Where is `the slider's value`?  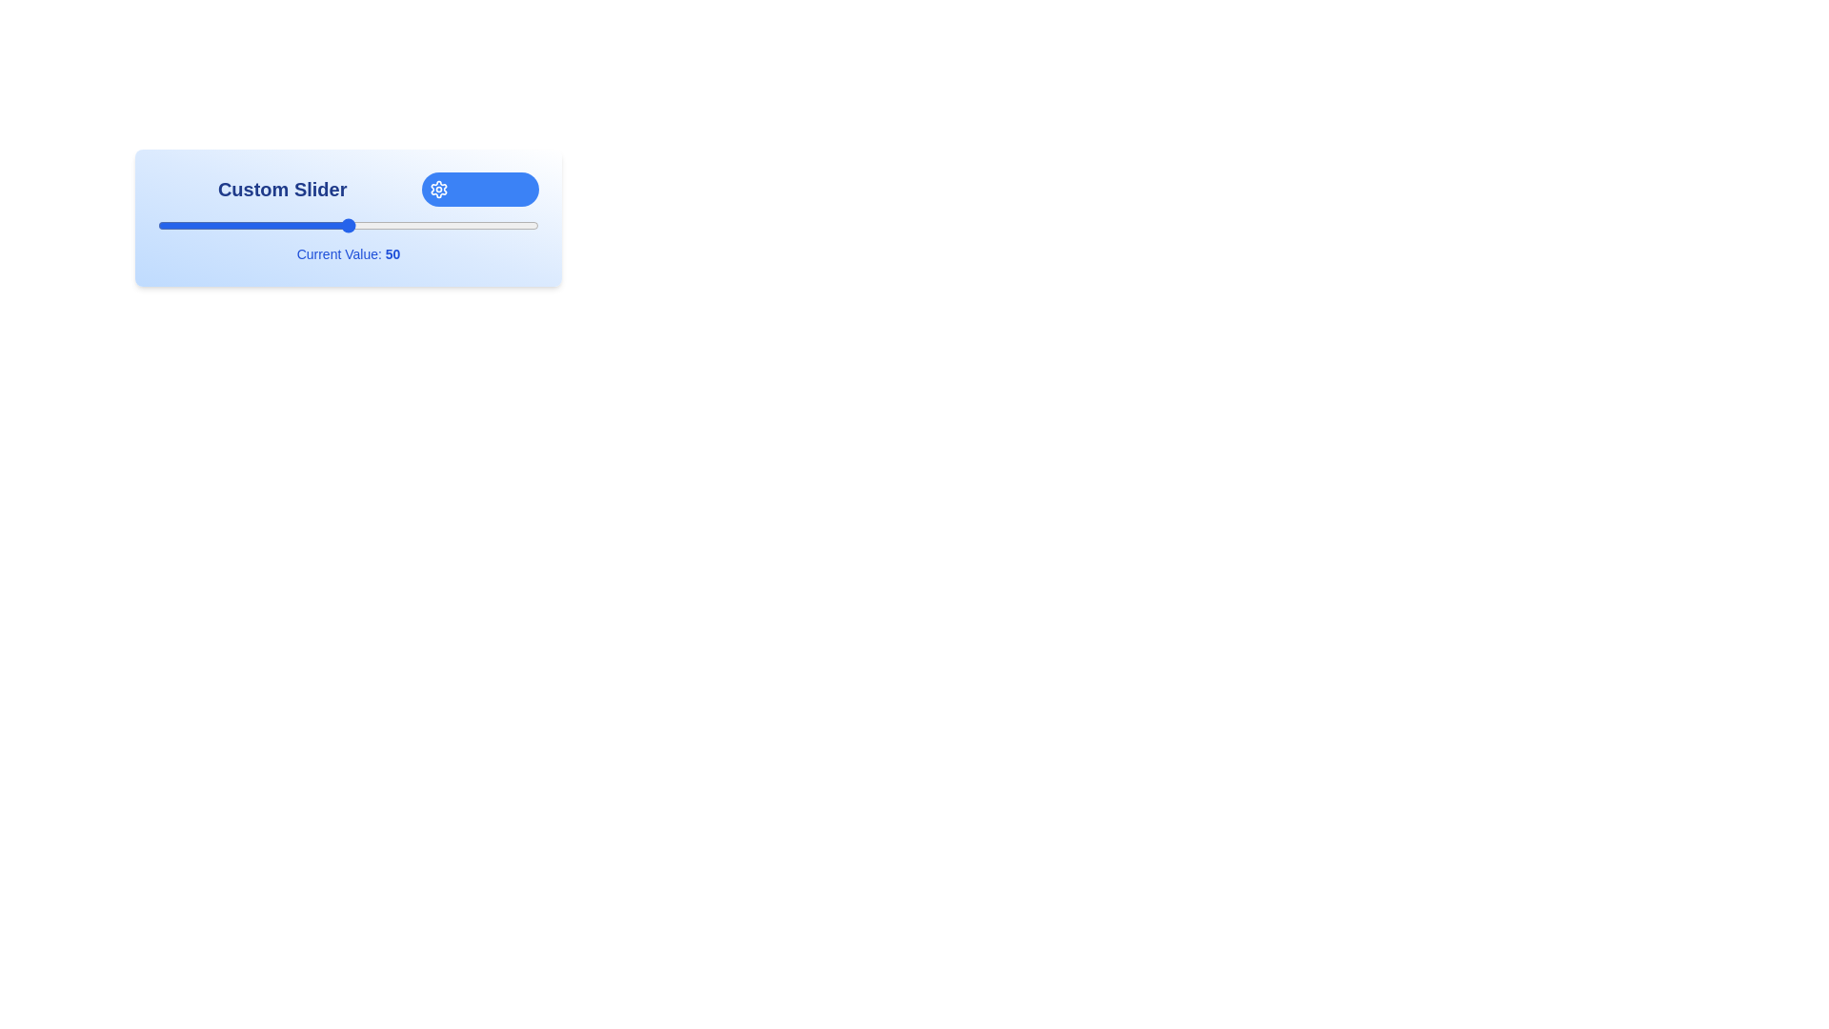
the slider's value is located at coordinates (360, 224).